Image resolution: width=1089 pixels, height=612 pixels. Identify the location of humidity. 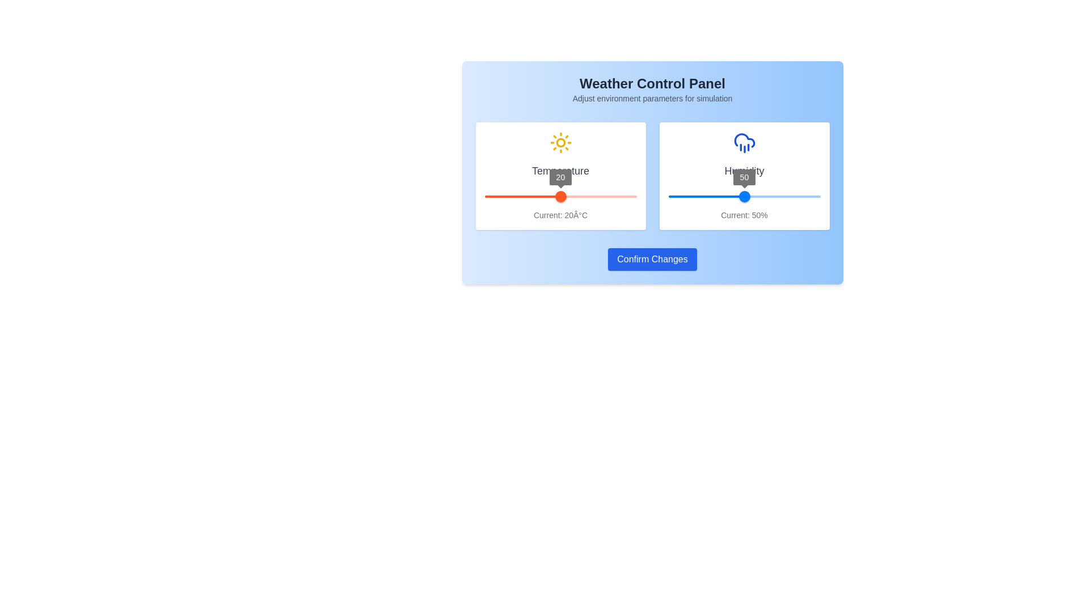
(762, 196).